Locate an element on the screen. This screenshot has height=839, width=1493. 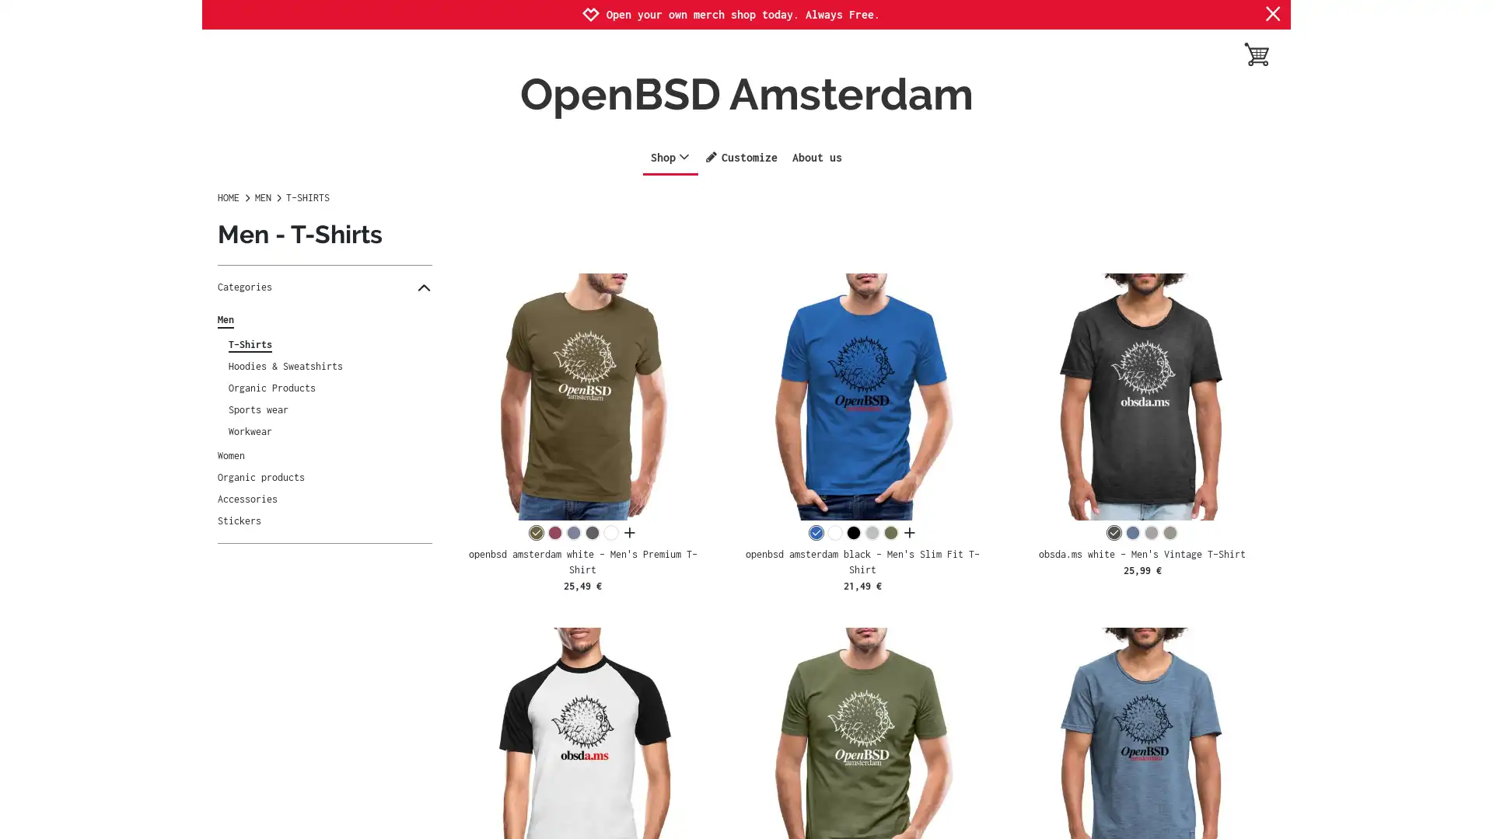
charcoal grey is located at coordinates (591, 532).